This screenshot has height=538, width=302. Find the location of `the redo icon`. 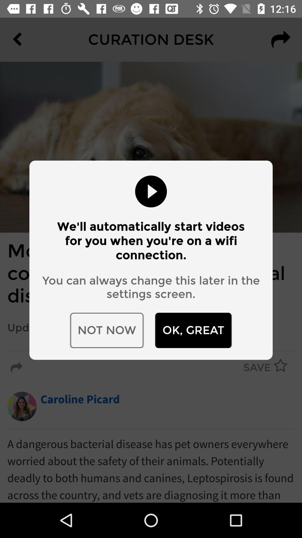

the redo icon is located at coordinates (280, 39).